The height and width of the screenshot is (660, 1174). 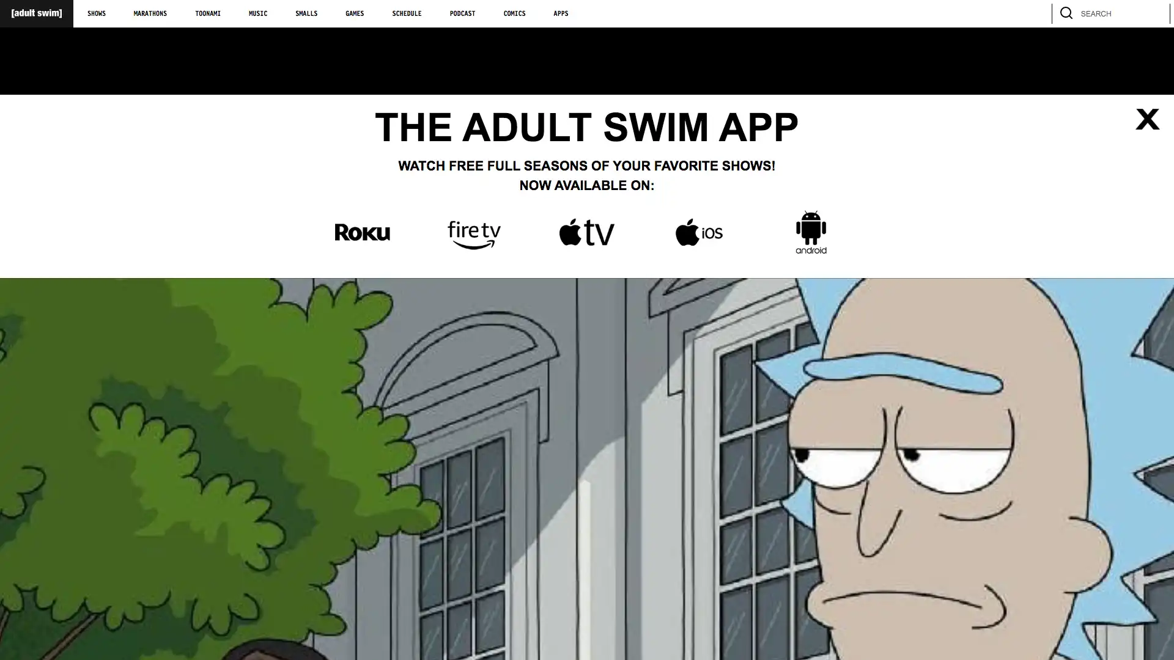 What do you see at coordinates (1154, 13) in the screenshot?
I see `search` at bounding box center [1154, 13].